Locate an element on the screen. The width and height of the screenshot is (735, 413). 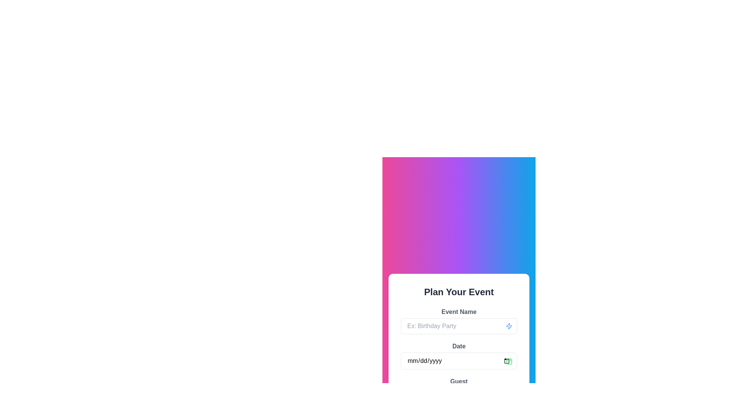
the small rectangular UI element with rounded corners located within the calendar icon is located at coordinates (509, 361).